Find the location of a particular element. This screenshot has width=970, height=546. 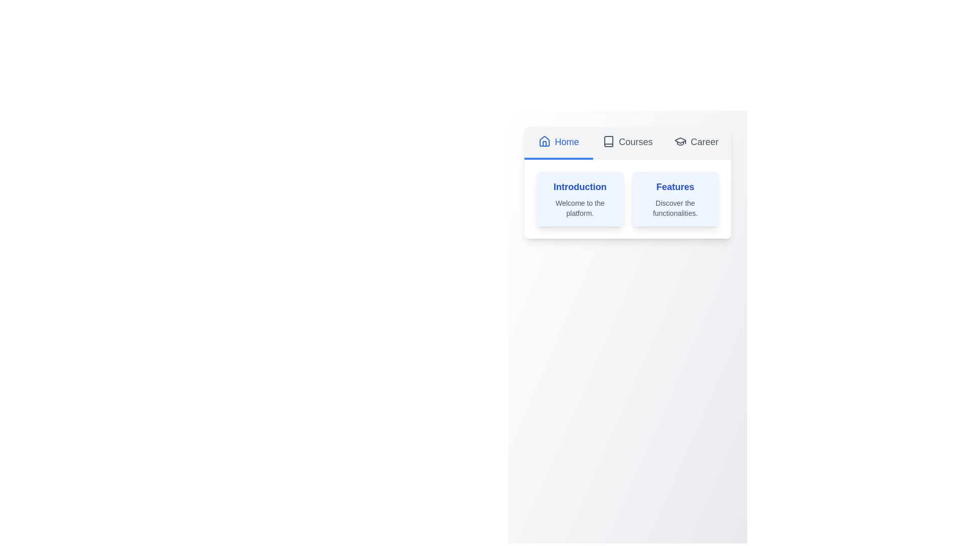

the book icon in the navigation bar for keyboard navigation is located at coordinates (608, 142).